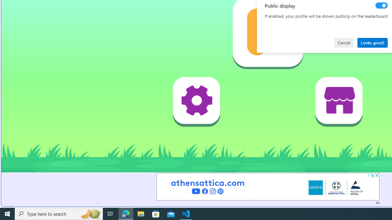 The width and height of the screenshot is (392, 220). Describe the element at coordinates (344, 42) in the screenshot. I see `'Cancel'` at that location.